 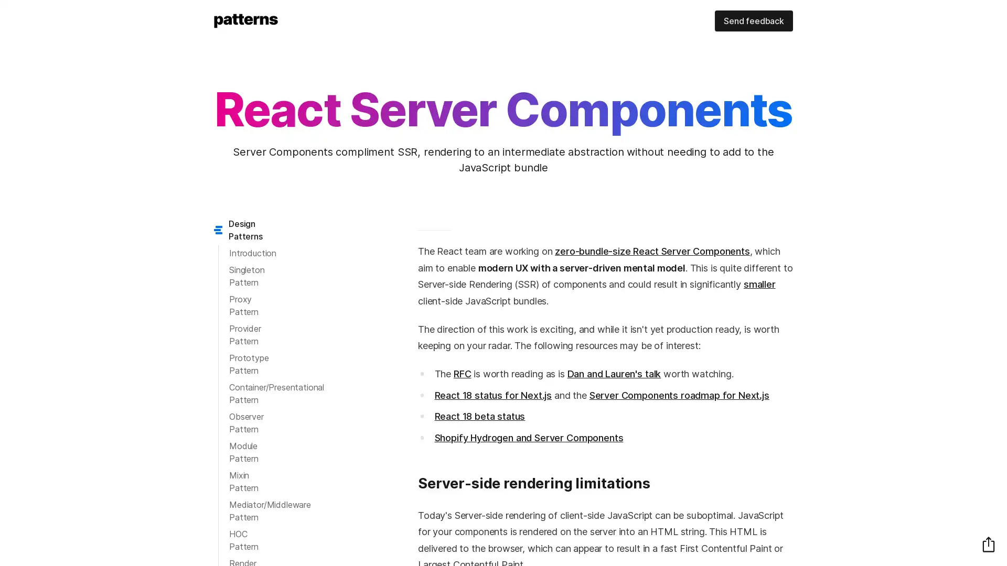 What do you see at coordinates (988, 543) in the screenshot?
I see `Share` at bounding box center [988, 543].